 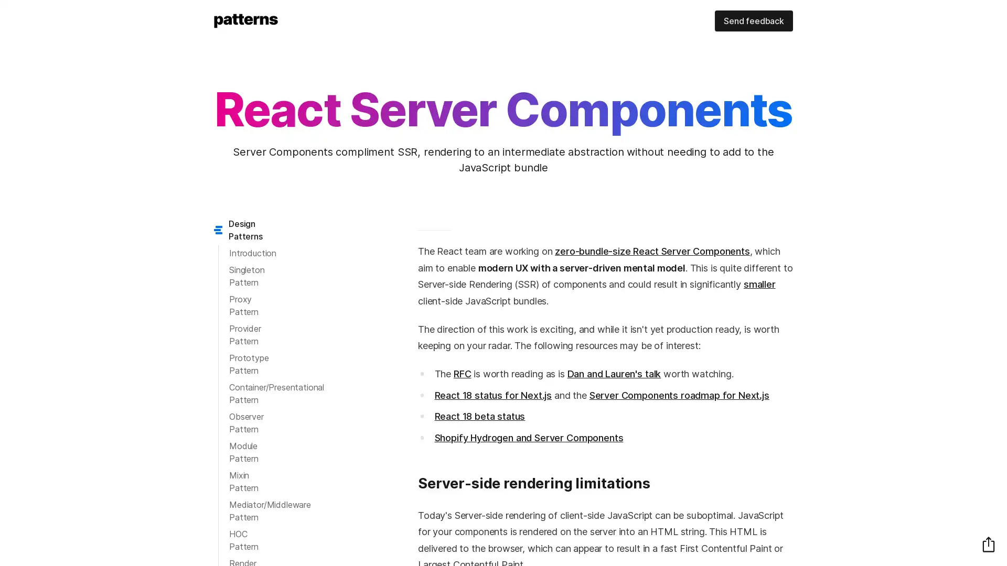 What do you see at coordinates (988, 543) in the screenshot?
I see `Share` at bounding box center [988, 543].